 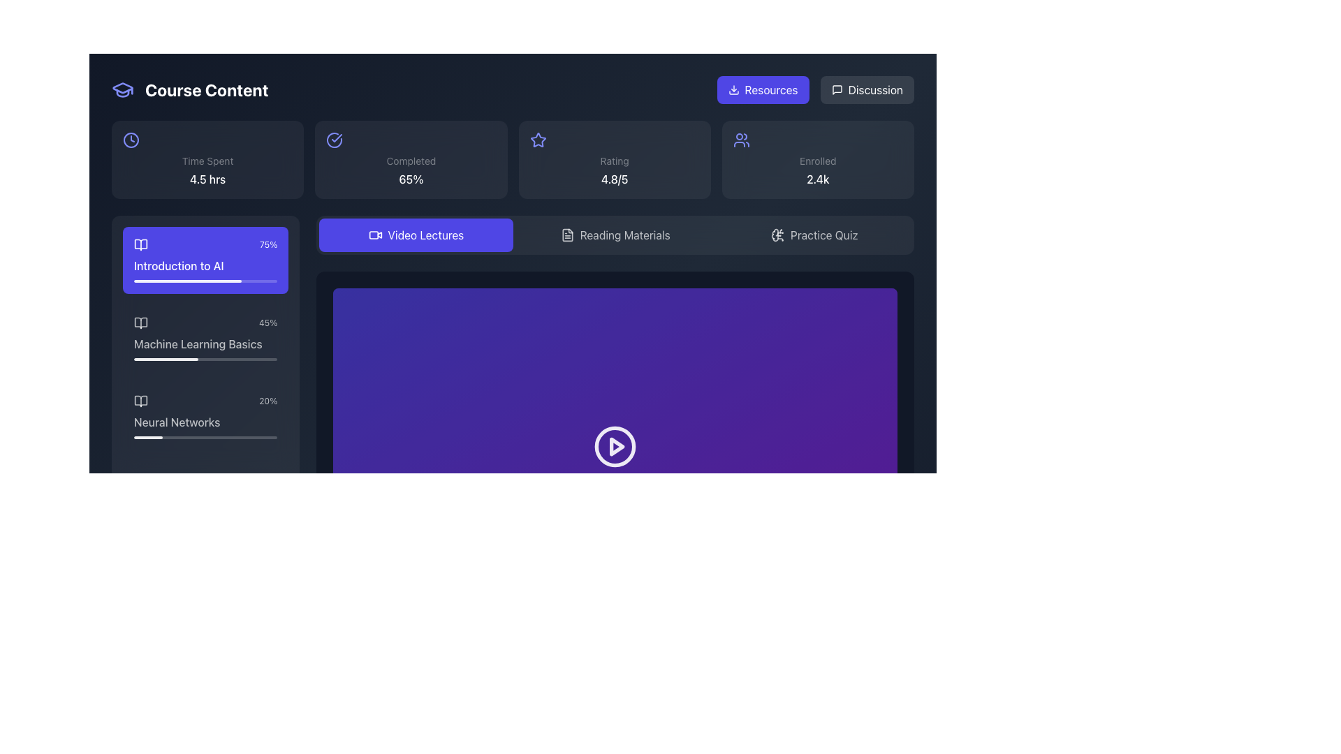 I want to click on the decorative Vector Graphic Component of the graduation cap icon located in the top-left corner of the interface, adjacent to the title 'Course Content', so click(x=123, y=88).